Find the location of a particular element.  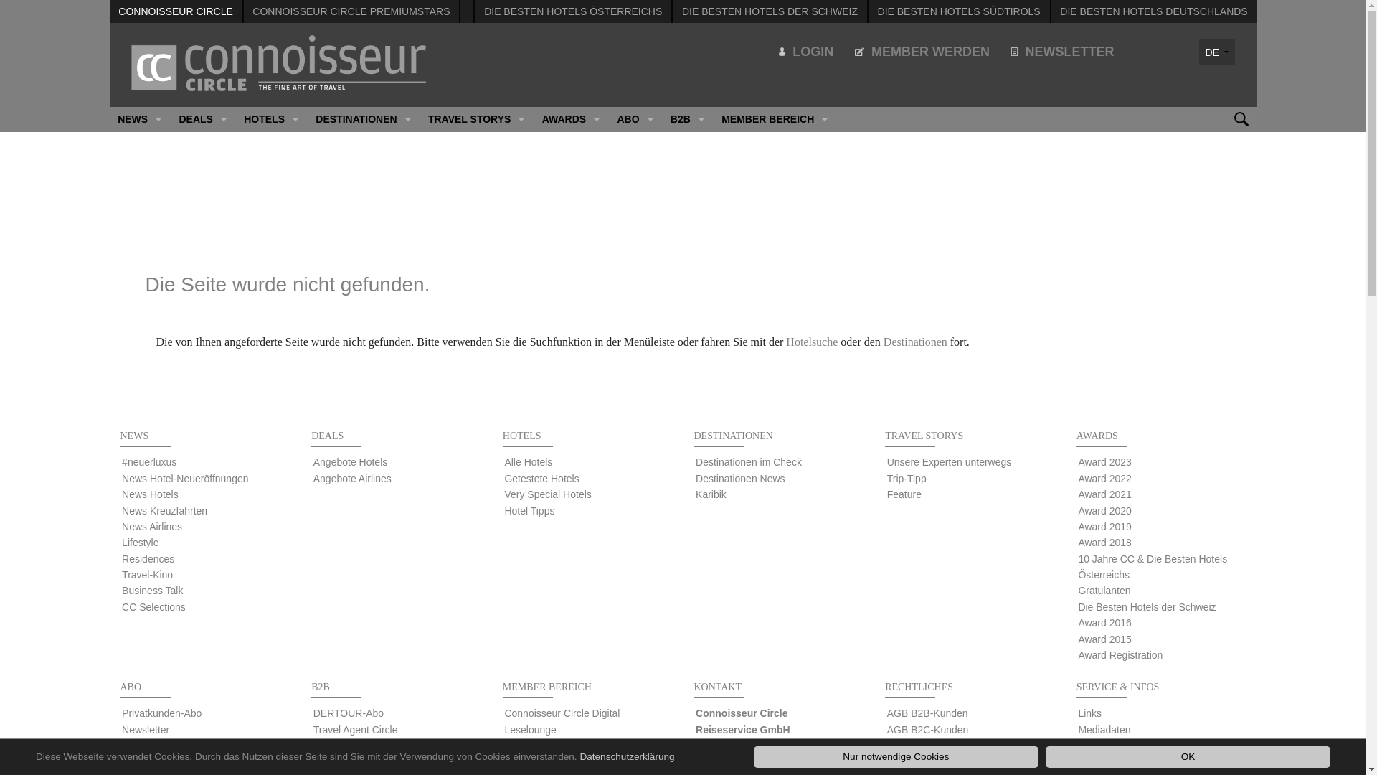

'CC Selections' is located at coordinates (153, 606).